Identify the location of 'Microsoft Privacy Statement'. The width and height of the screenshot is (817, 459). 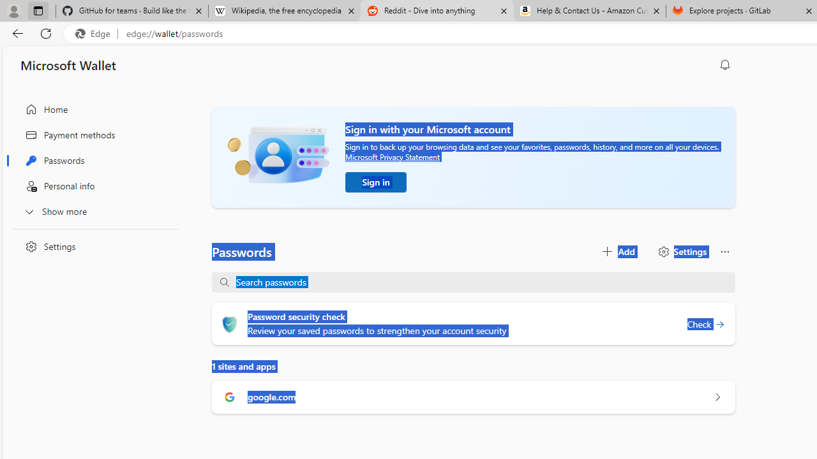
(392, 156).